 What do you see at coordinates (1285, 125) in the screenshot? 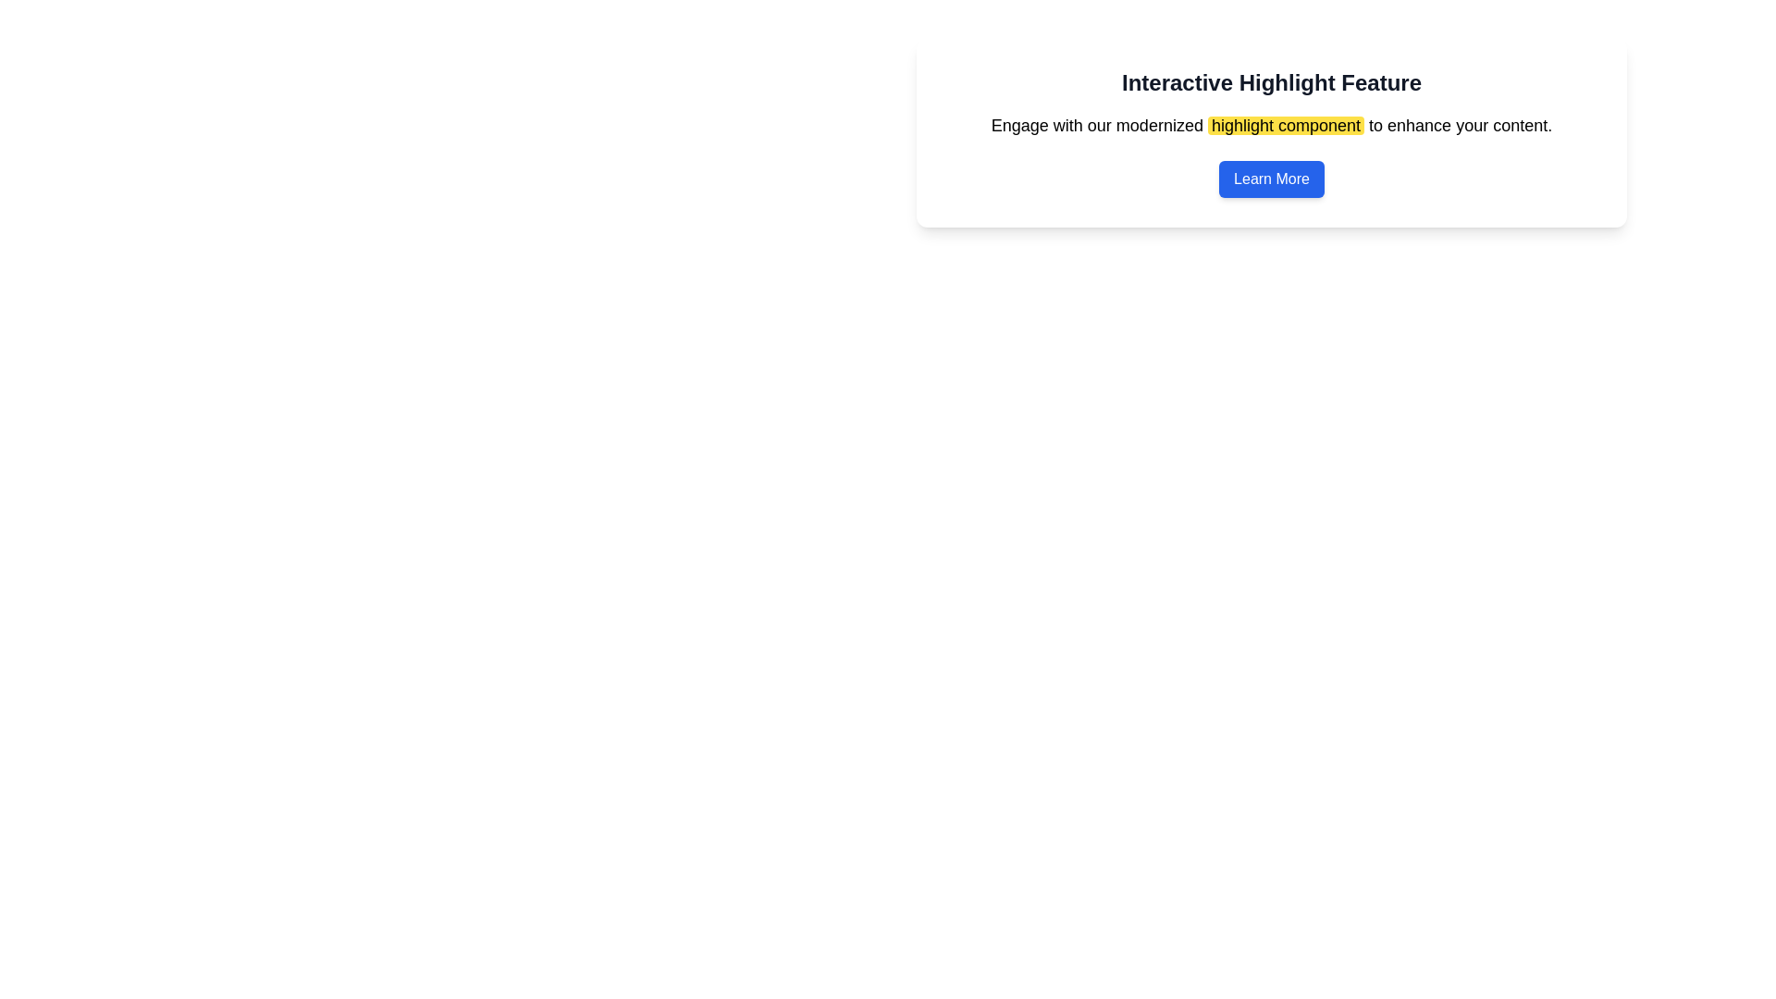
I see `the highlighted text segment labeled 'highlight component' with a yellow background in the text block under 'Interactive Highlight Feature'` at bounding box center [1285, 125].